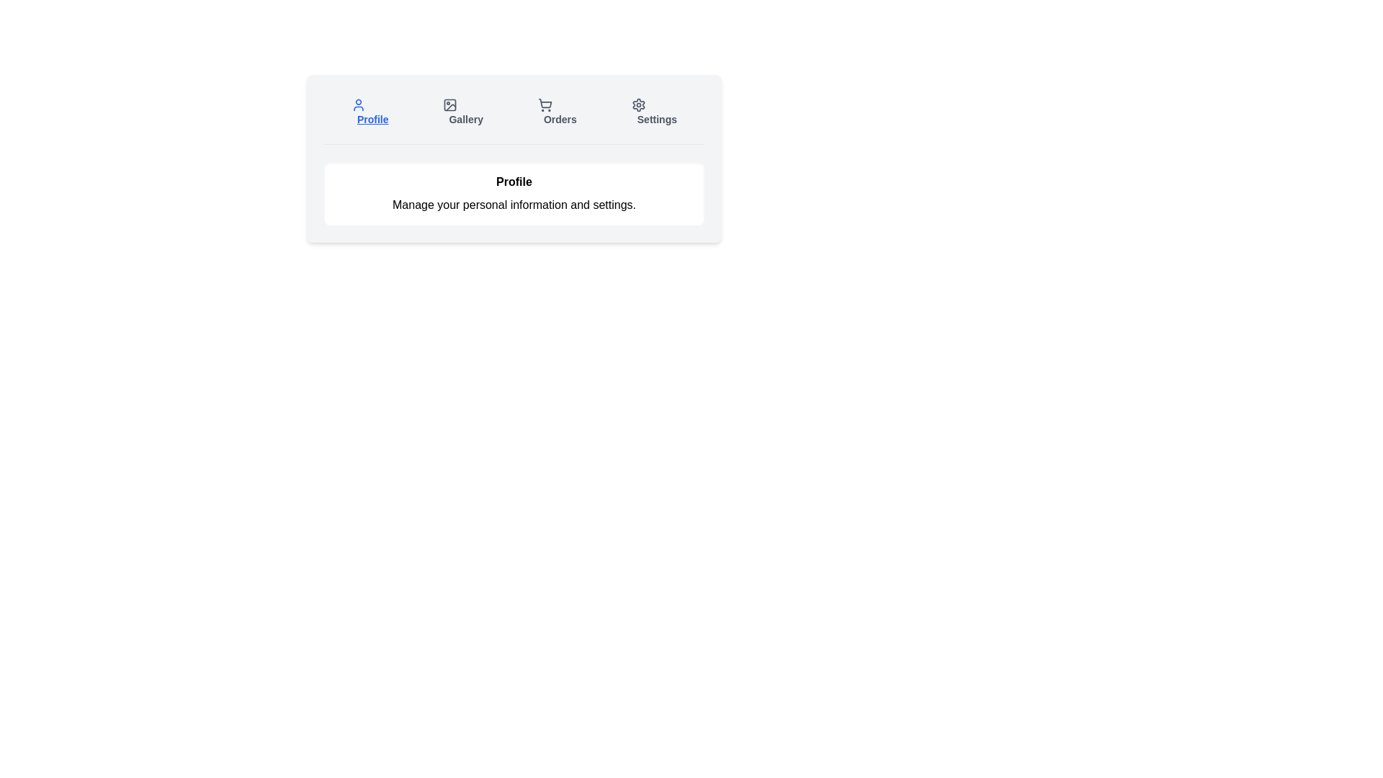  Describe the element at coordinates (556, 111) in the screenshot. I see `the tab labeled Orders` at that location.